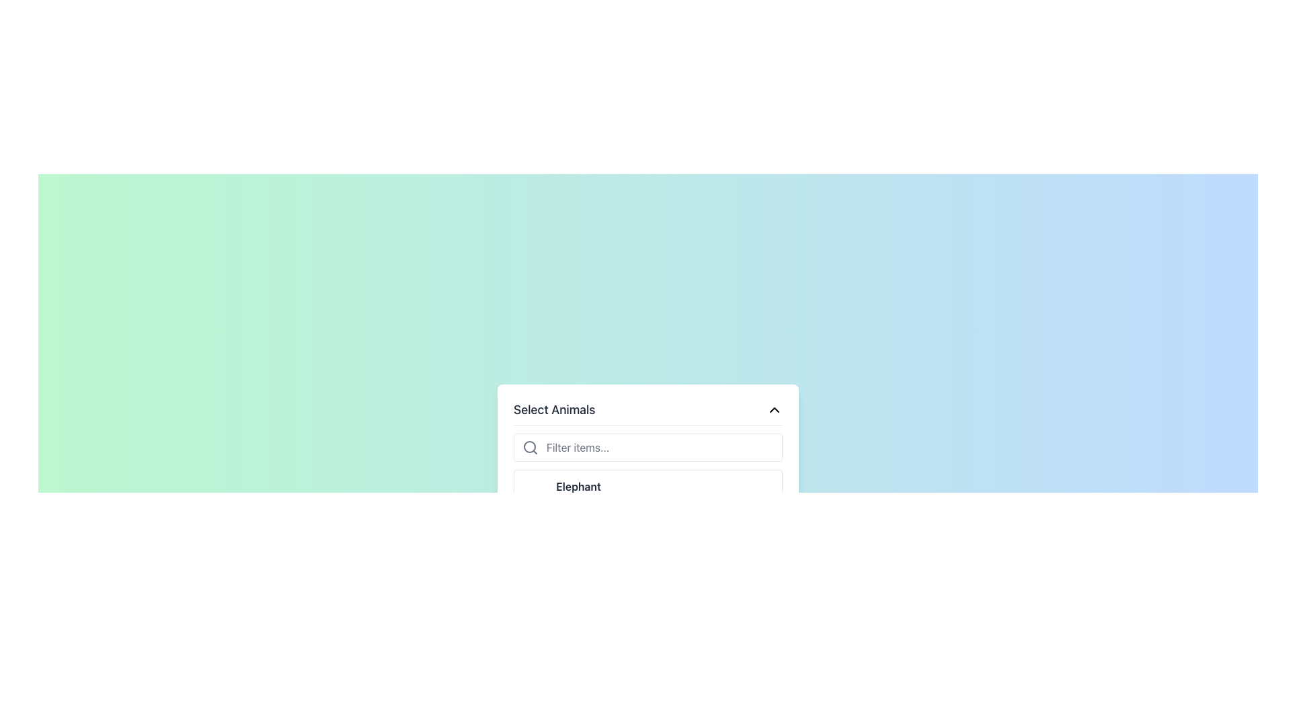  I want to click on the list item labeled 'Elephant' within the dropdown menu 'Select Animals', so click(578, 493).